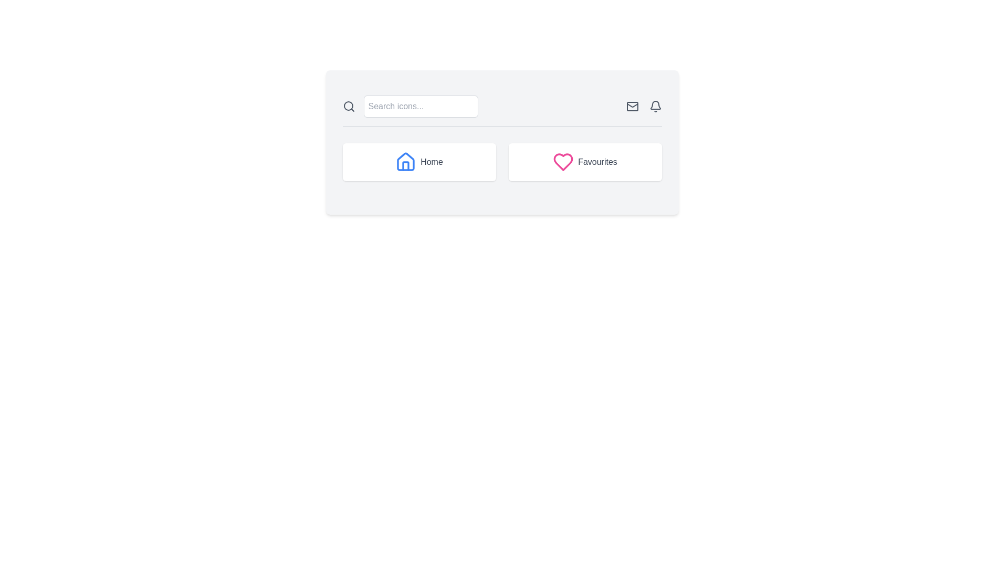 Image resolution: width=1008 pixels, height=567 pixels. What do you see at coordinates (632, 107) in the screenshot?
I see `the messaging icon located in the top-right corner of the header section` at bounding box center [632, 107].